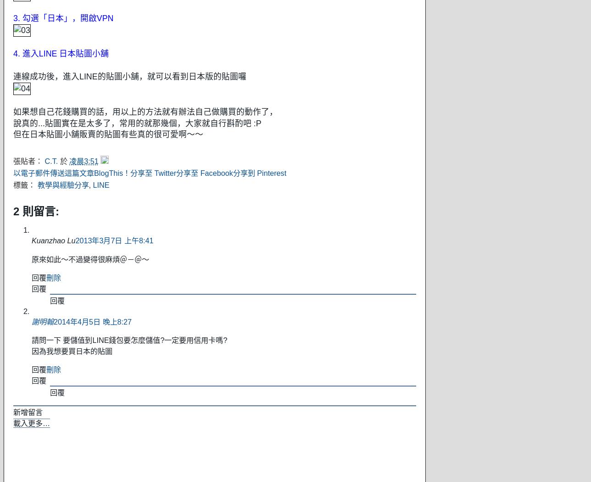 This screenshot has height=482, width=591. Describe the element at coordinates (61, 53) in the screenshot. I see `'4. 進入LINE 日本貼圖小舖'` at that location.